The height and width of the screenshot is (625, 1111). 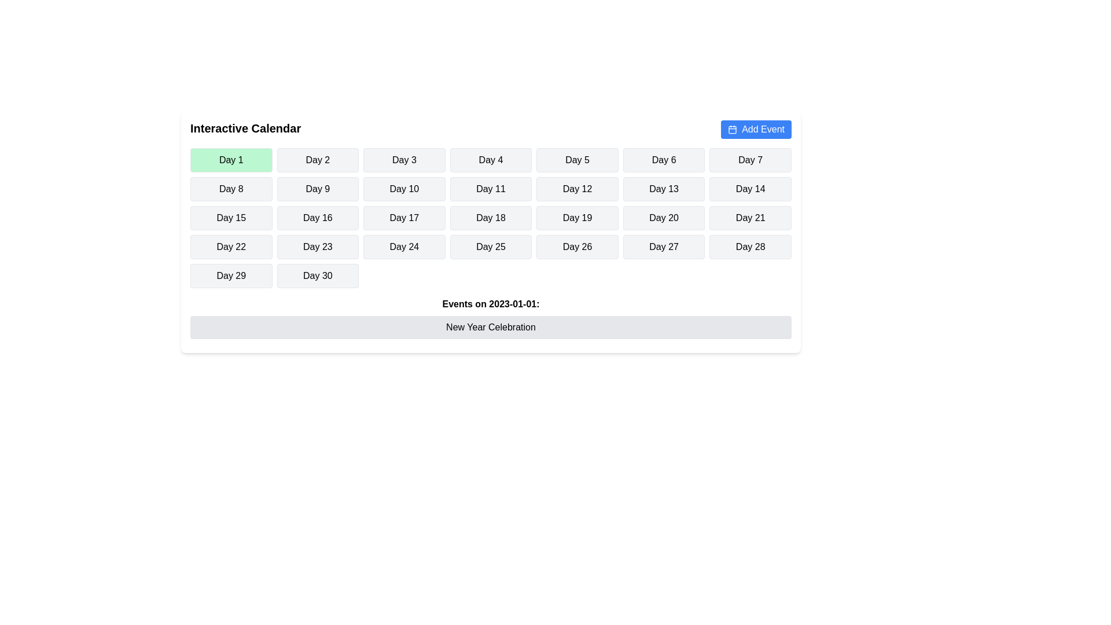 I want to click on the button labeled 'Day 16', which is a rectangular component with rounded corners and a light gray background, so click(x=318, y=218).